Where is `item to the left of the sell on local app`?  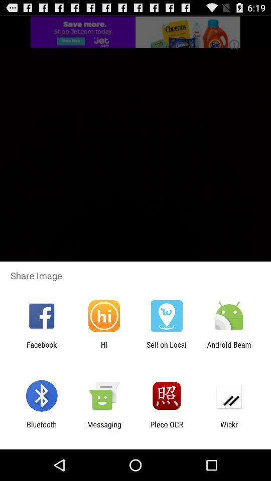 item to the left of the sell on local app is located at coordinates (103, 349).